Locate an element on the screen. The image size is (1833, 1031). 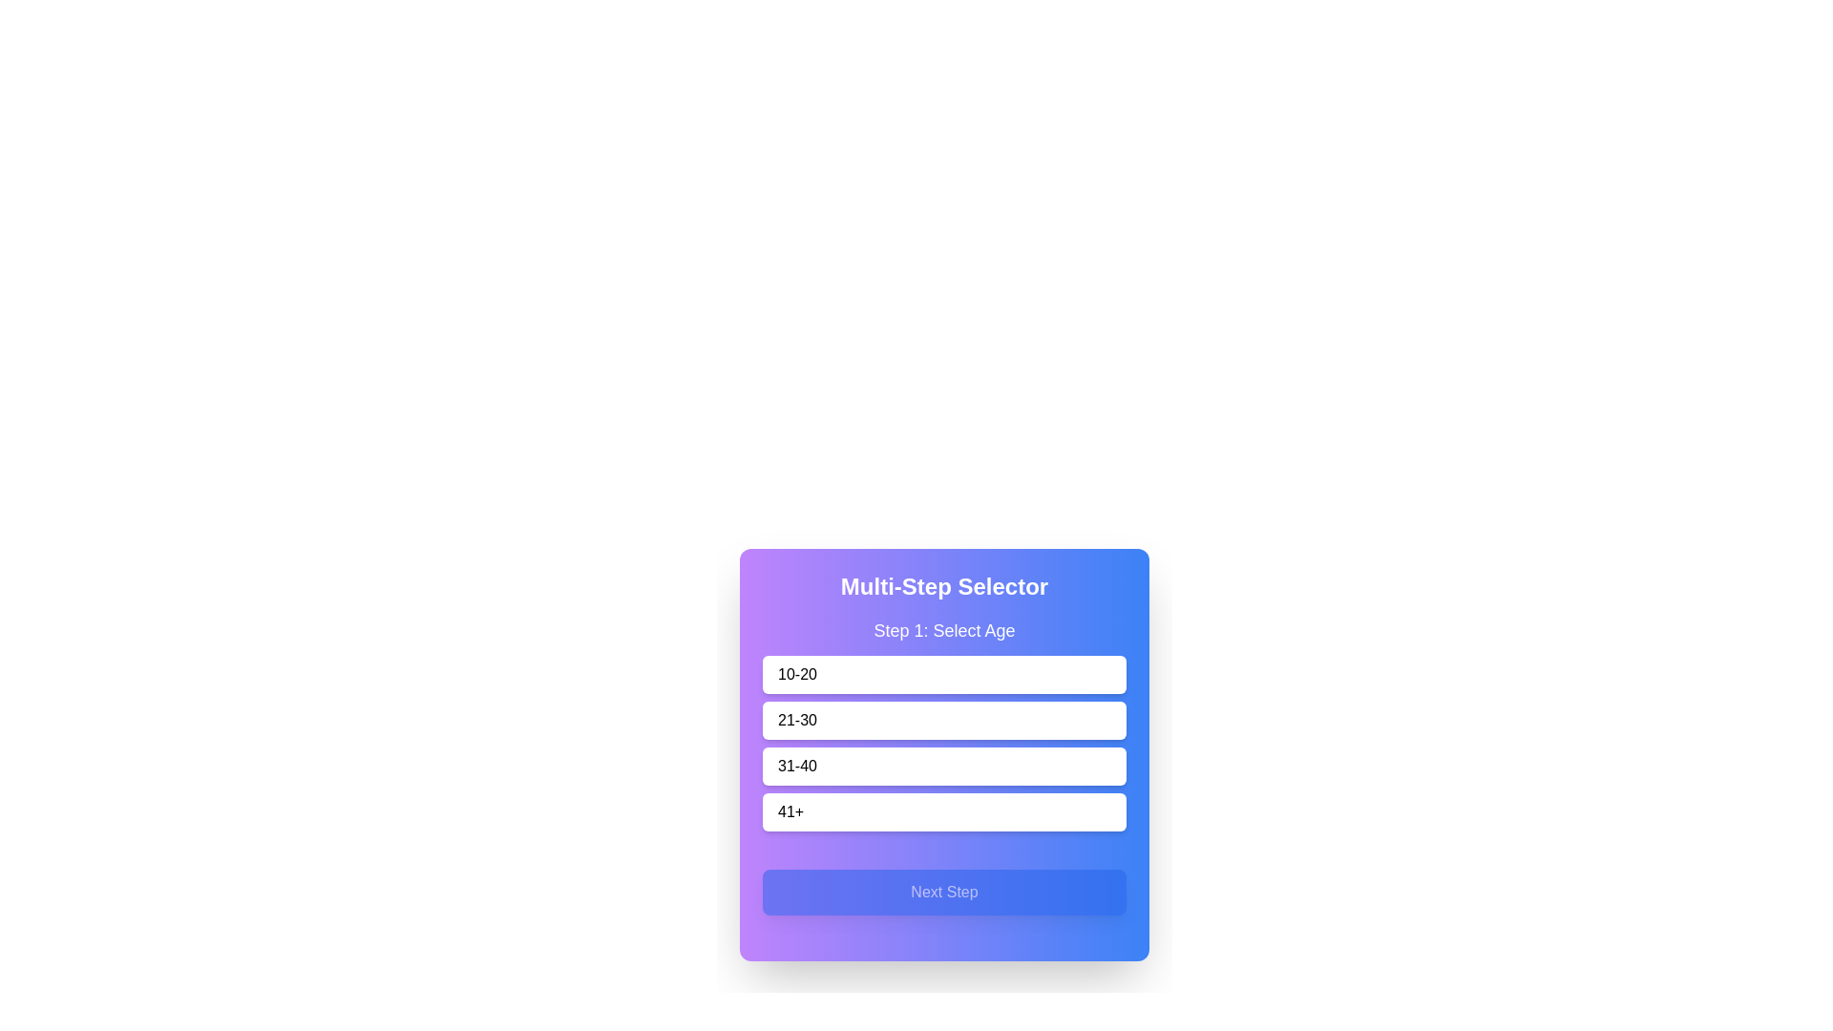
the text label indicating the selectable age range '21-30' within the second card of four in the vertical stack for selecting age ranges is located at coordinates (797, 721).